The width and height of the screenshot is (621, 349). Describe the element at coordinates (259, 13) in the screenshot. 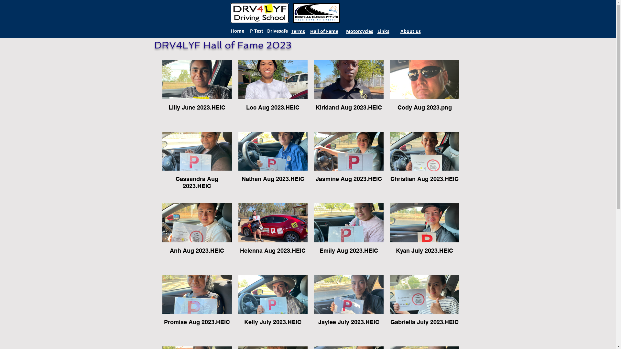

I see `'DRV4LYF.jpg'` at that location.